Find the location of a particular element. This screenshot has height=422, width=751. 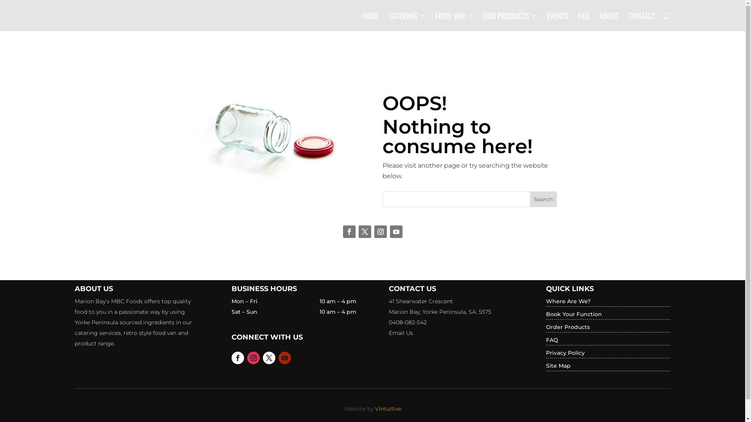

'Email Us' is located at coordinates (401, 333).